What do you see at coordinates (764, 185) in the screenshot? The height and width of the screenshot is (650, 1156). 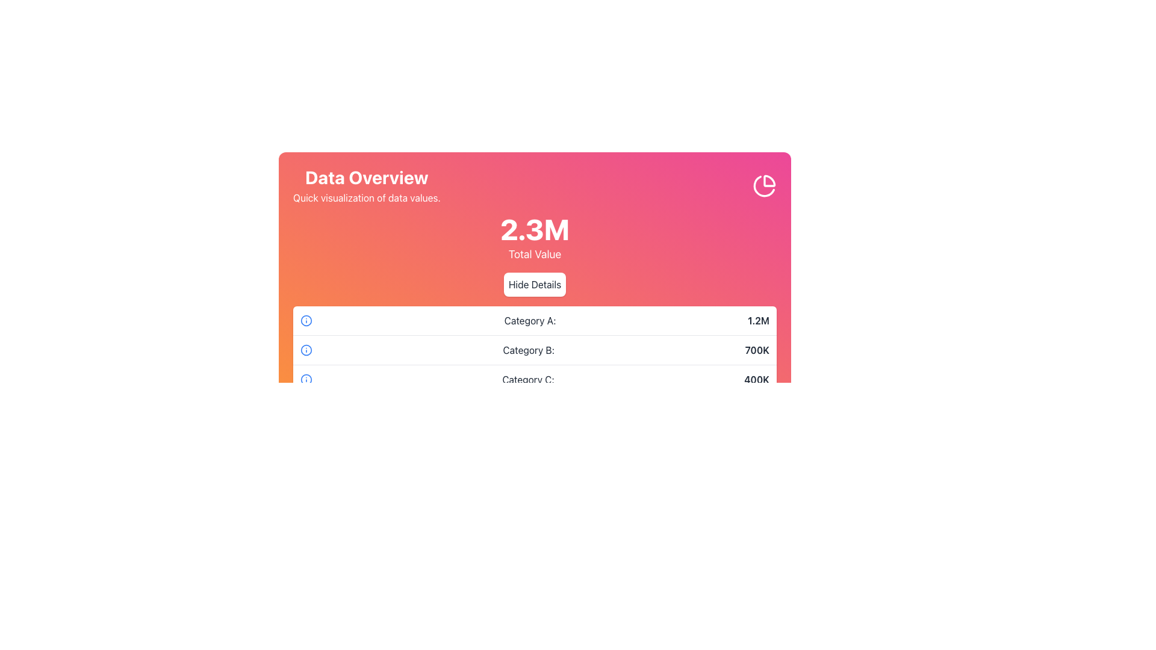 I see `the pie chart icon located on the far right side of the 'Data Overview' section header` at bounding box center [764, 185].